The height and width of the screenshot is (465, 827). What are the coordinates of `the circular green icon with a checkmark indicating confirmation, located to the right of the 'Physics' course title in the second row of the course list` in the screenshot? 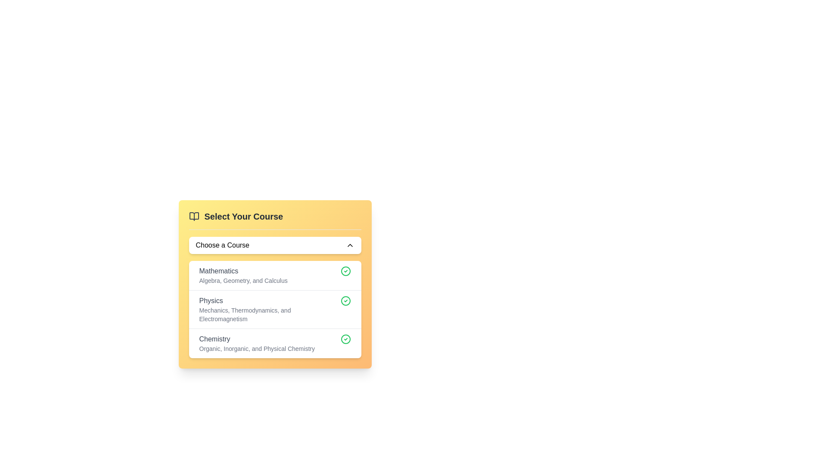 It's located at (345, 270).